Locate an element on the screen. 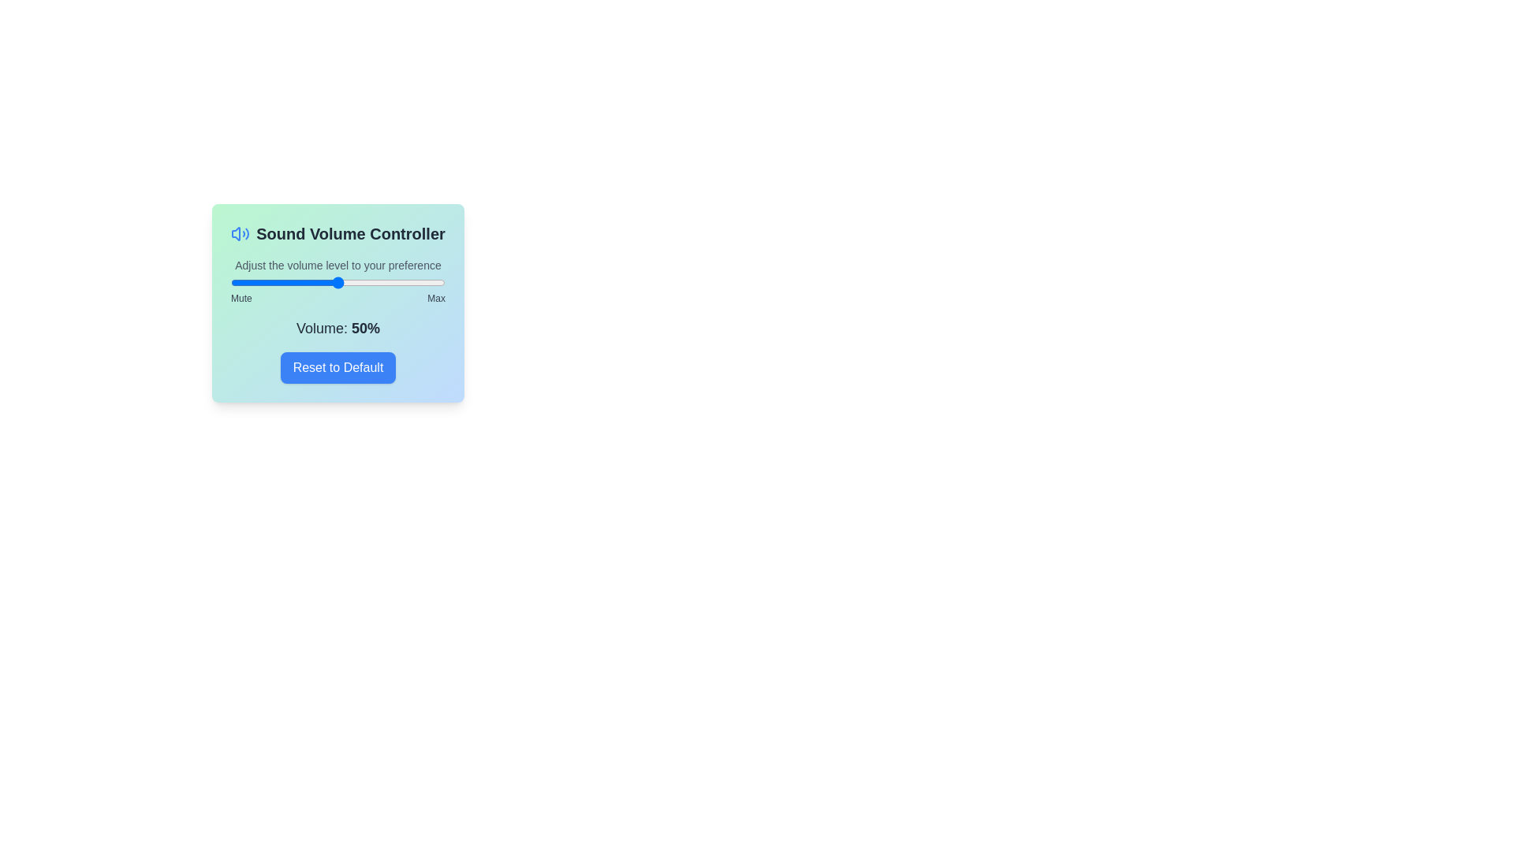 This screenshot has height=851, width=1514. the volume to 89 percent by dragging the slider is located at coordinates (422, 281).